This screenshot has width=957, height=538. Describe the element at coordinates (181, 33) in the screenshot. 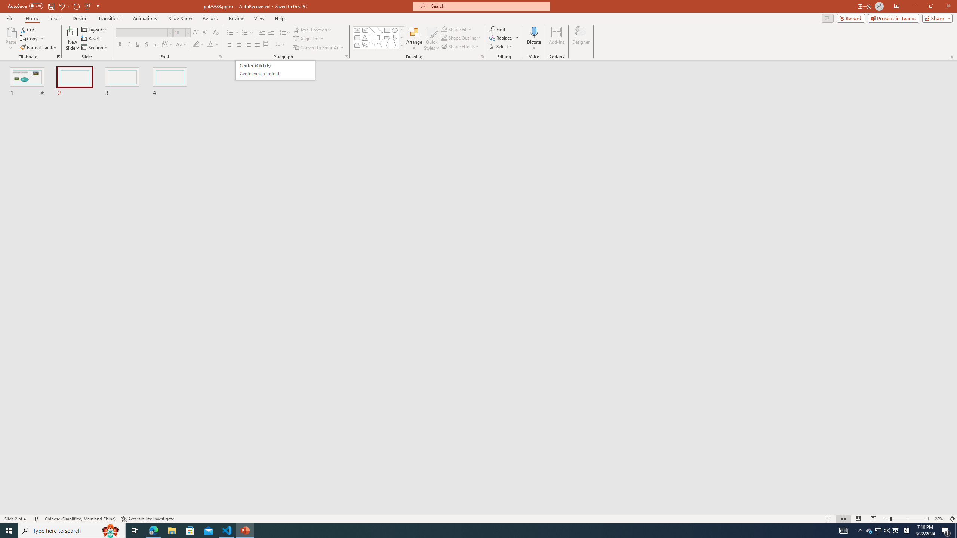

I see `'Font Size'` at that location.